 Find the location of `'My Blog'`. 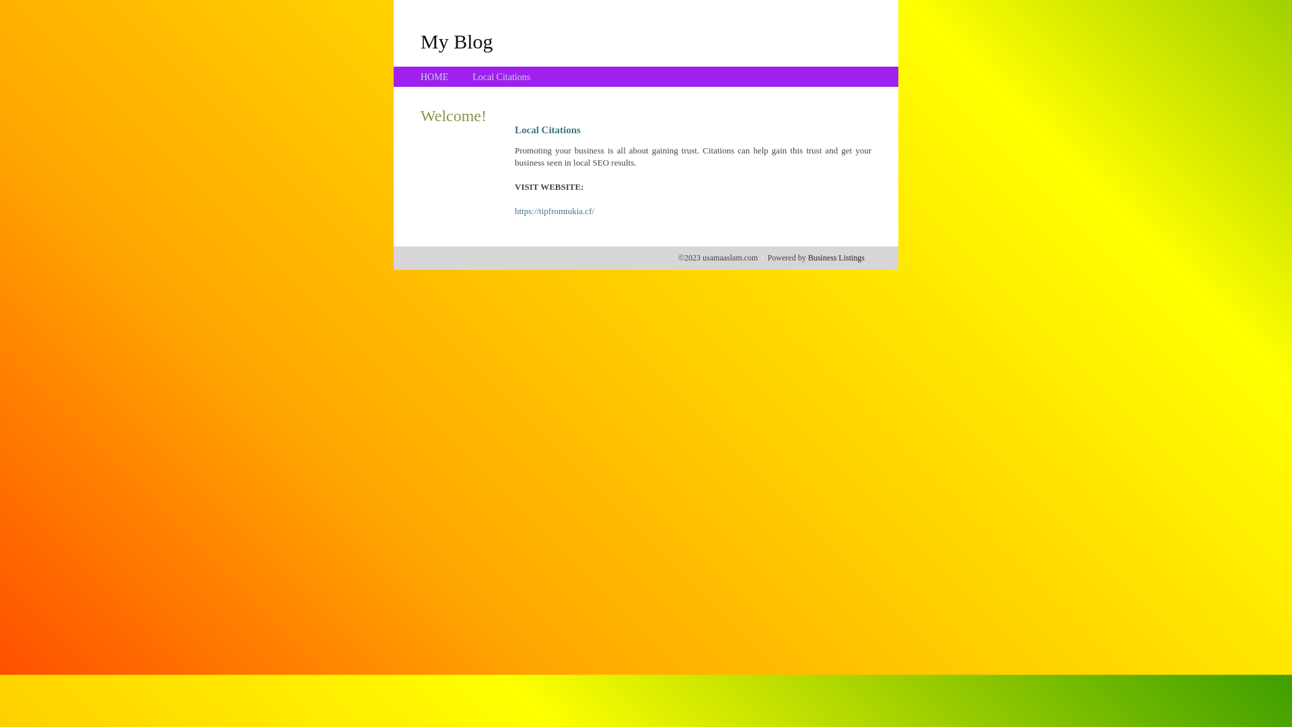

'My Blog' is located at coordinates (456, 40).